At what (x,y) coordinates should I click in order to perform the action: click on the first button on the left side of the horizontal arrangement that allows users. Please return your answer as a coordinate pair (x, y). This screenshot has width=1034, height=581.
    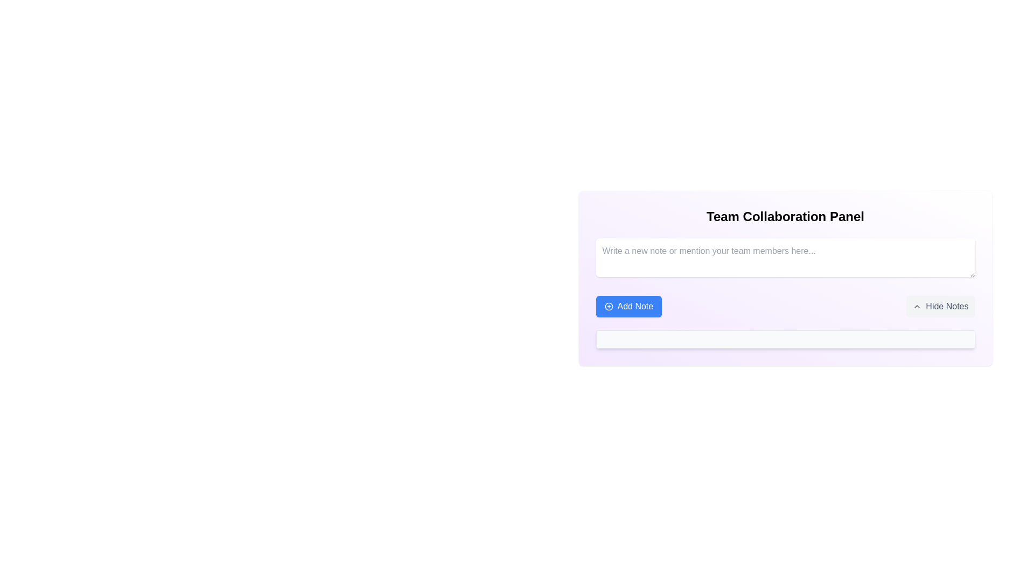
    Looking at the image, I should click on (628, 307).